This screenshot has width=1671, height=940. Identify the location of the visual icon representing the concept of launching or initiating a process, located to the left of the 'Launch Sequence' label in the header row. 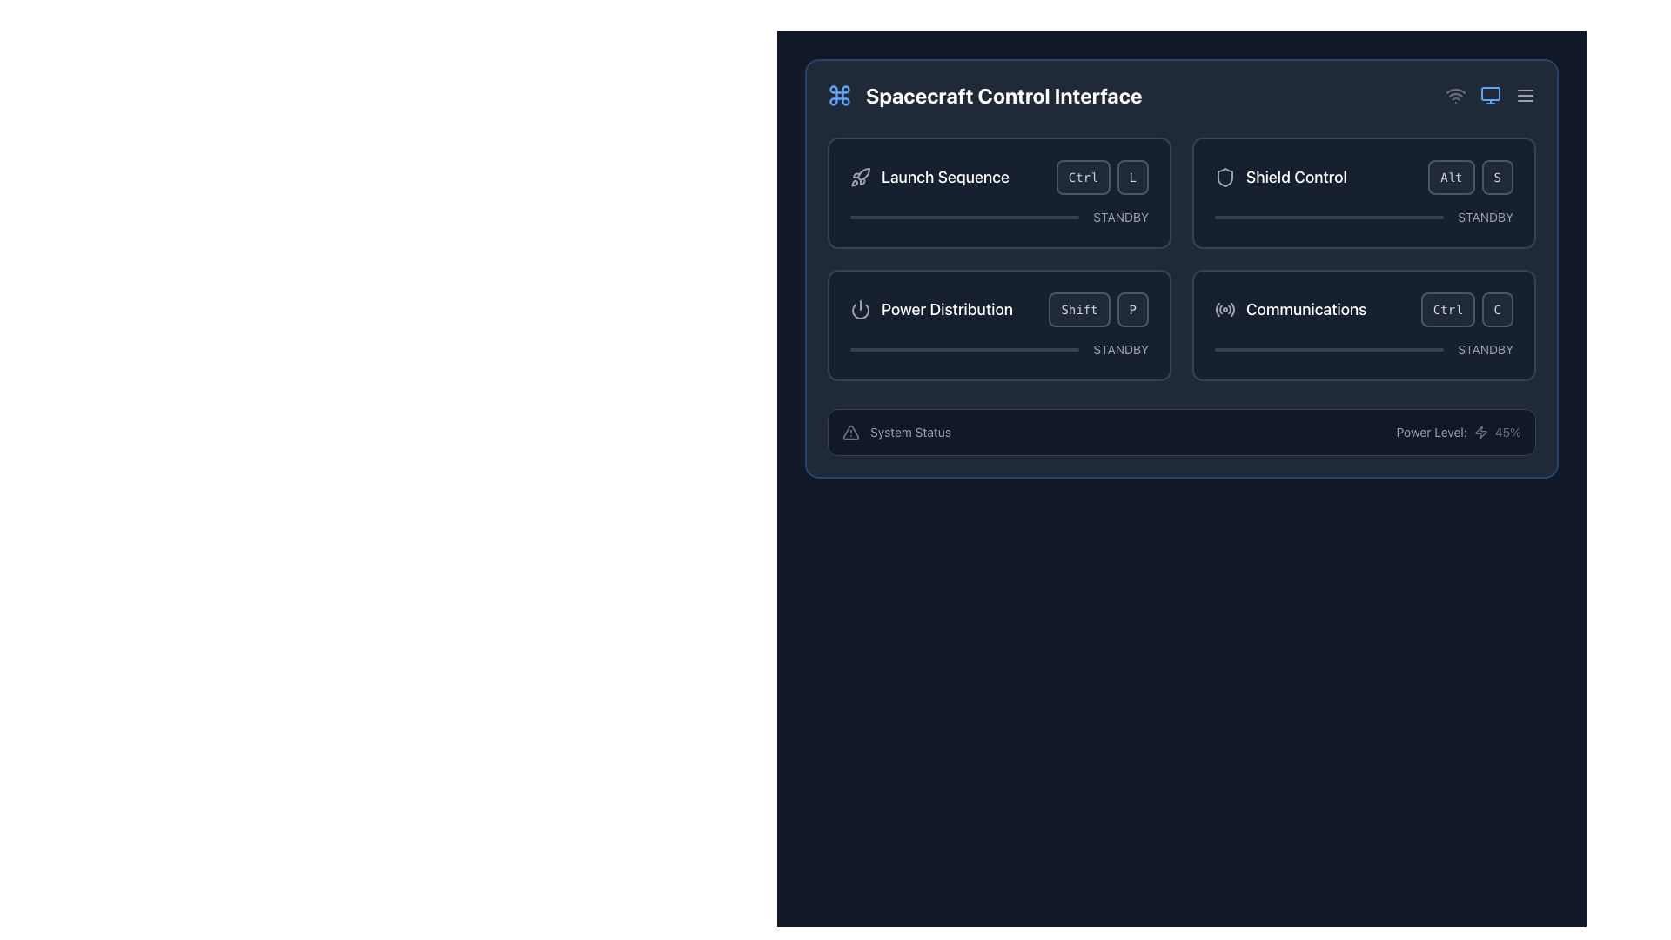
(860, 178).